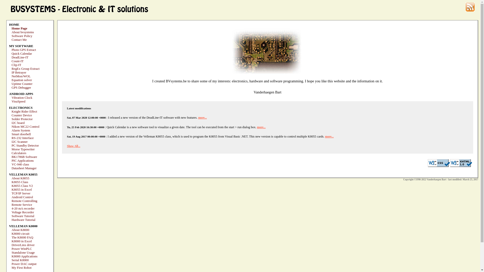 The width and height of the screenshot is (484, 272). Describe the element at coordinates (14, 24) in the screenshot. I see `'HOME'` at that location.